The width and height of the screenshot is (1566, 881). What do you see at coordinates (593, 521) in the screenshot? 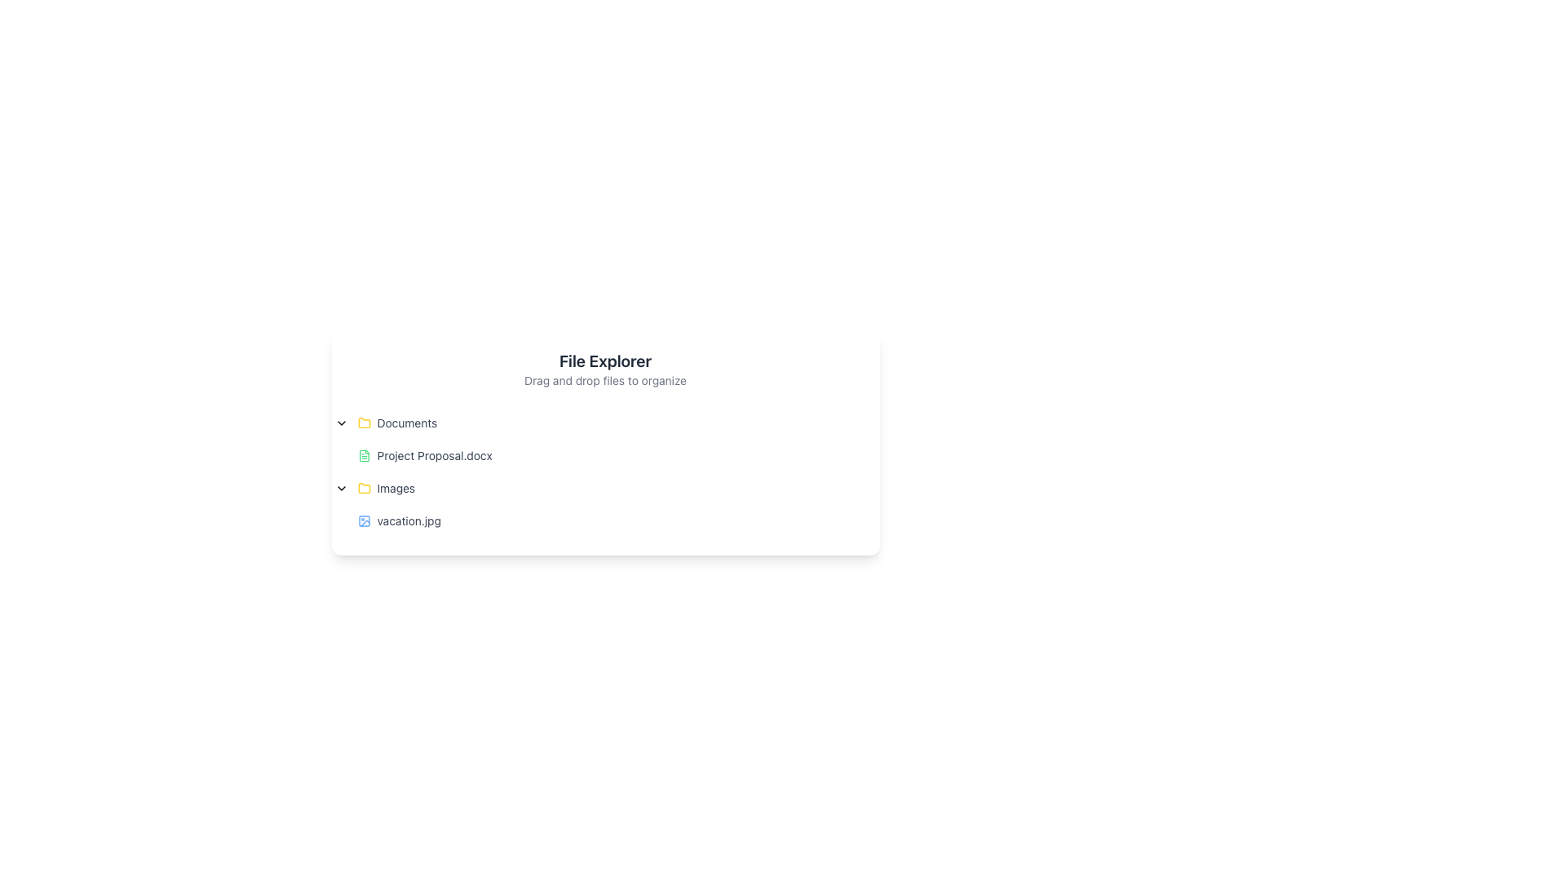
I see `the file item labeled 'vacation.jpg'` at bounding box center [593, 521].